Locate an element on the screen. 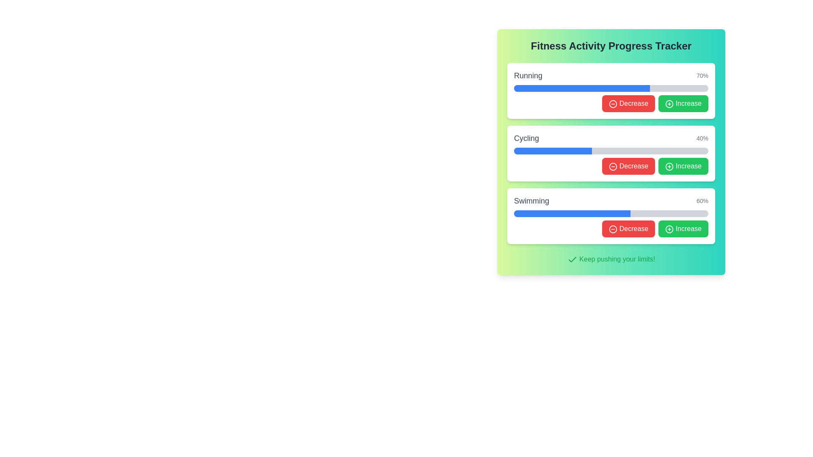 Image resolution: width=813 pixels, height=457 pixels. the progress bar's representation, which visually indicates the completion level of the 'Cycling' activity within the second progress tracker is located at coordinates (553, 151).